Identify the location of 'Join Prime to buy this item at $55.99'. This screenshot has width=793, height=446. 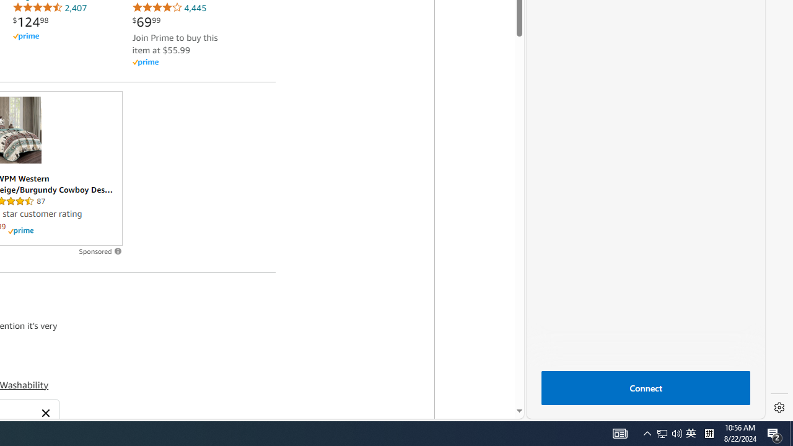
(174, 43).